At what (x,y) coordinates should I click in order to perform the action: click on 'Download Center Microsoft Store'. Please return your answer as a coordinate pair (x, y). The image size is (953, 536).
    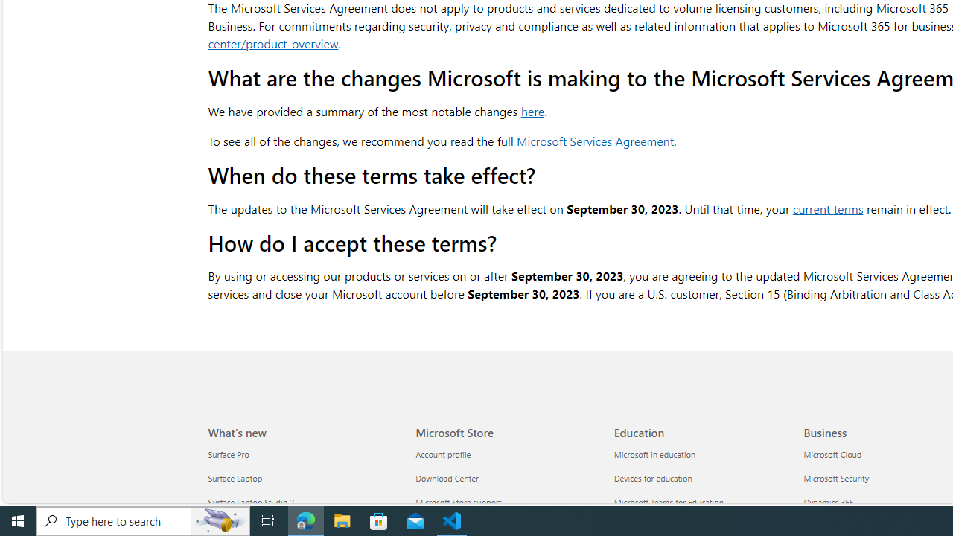
    Looking at the image, I should click on (446, 478).